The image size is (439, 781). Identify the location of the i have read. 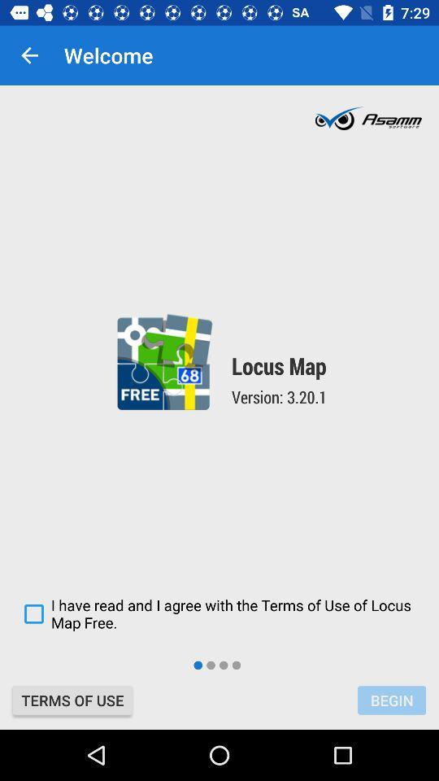
(219, 613).